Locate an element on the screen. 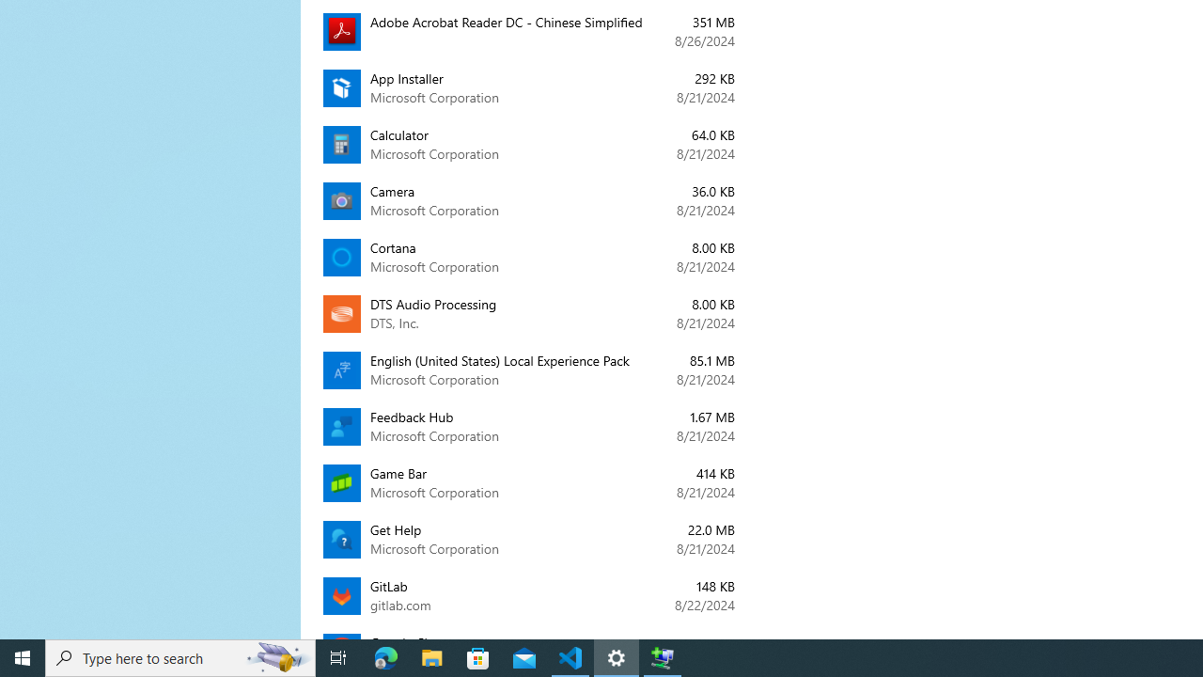 Image resolution: width=1203 pixels, height=677 pixels. 'Type here to search' is located at coordinates (180, 656).